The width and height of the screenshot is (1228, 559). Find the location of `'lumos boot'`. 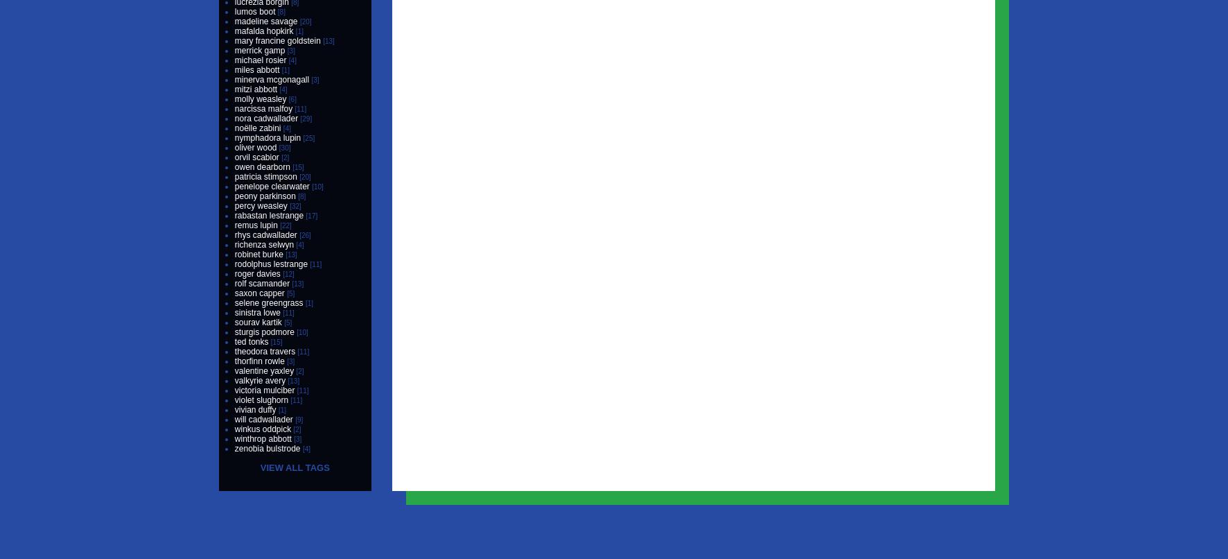

'lumos boot' is located at coordinates (254, 12).